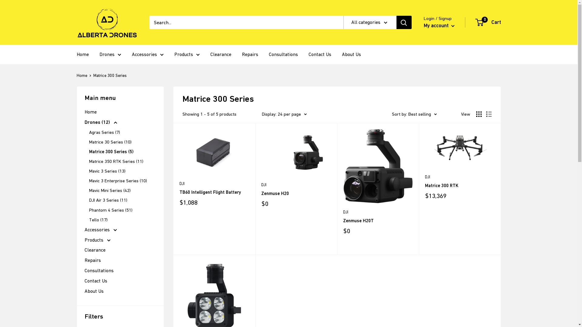  What do you see at coordinates (122, 190) in the screenshot?
I see `'Mavic Mini Series (42)'` at bounding box center [122, 190].